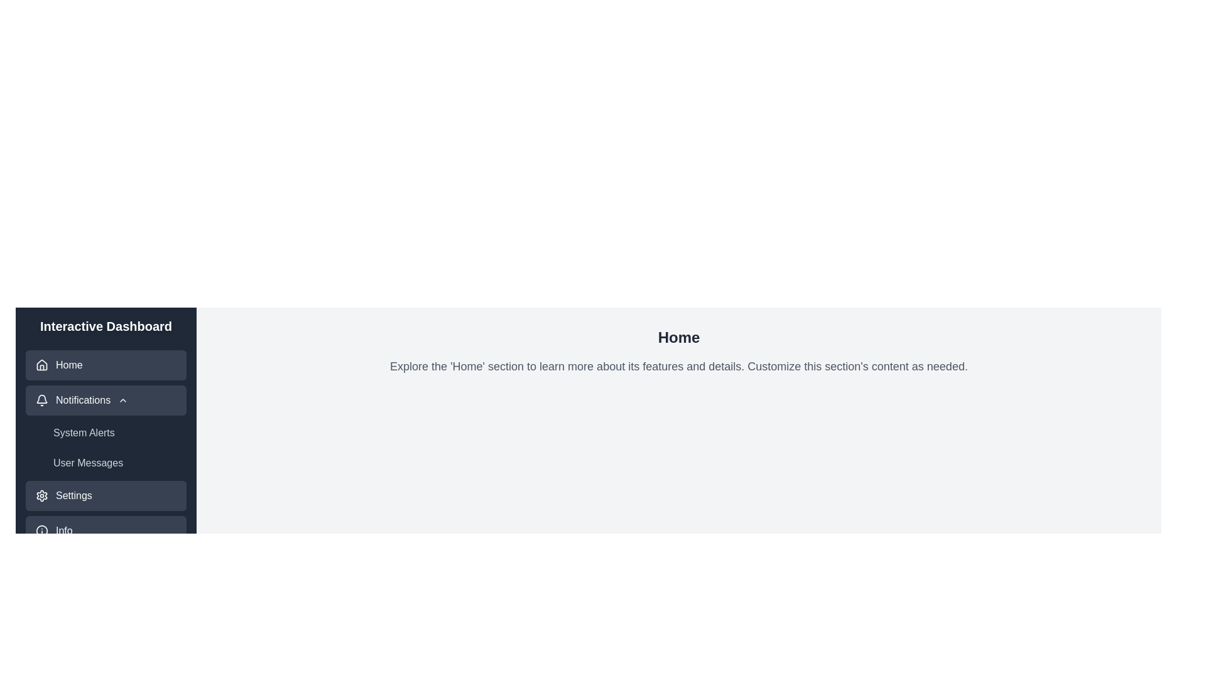 The height and width of the screenshot is (678, 1206). Describe the element at coordinates (116, 433) in the screenshot. I see `the 'System Alerts' button in the left sidebar navigation menu` at that location.